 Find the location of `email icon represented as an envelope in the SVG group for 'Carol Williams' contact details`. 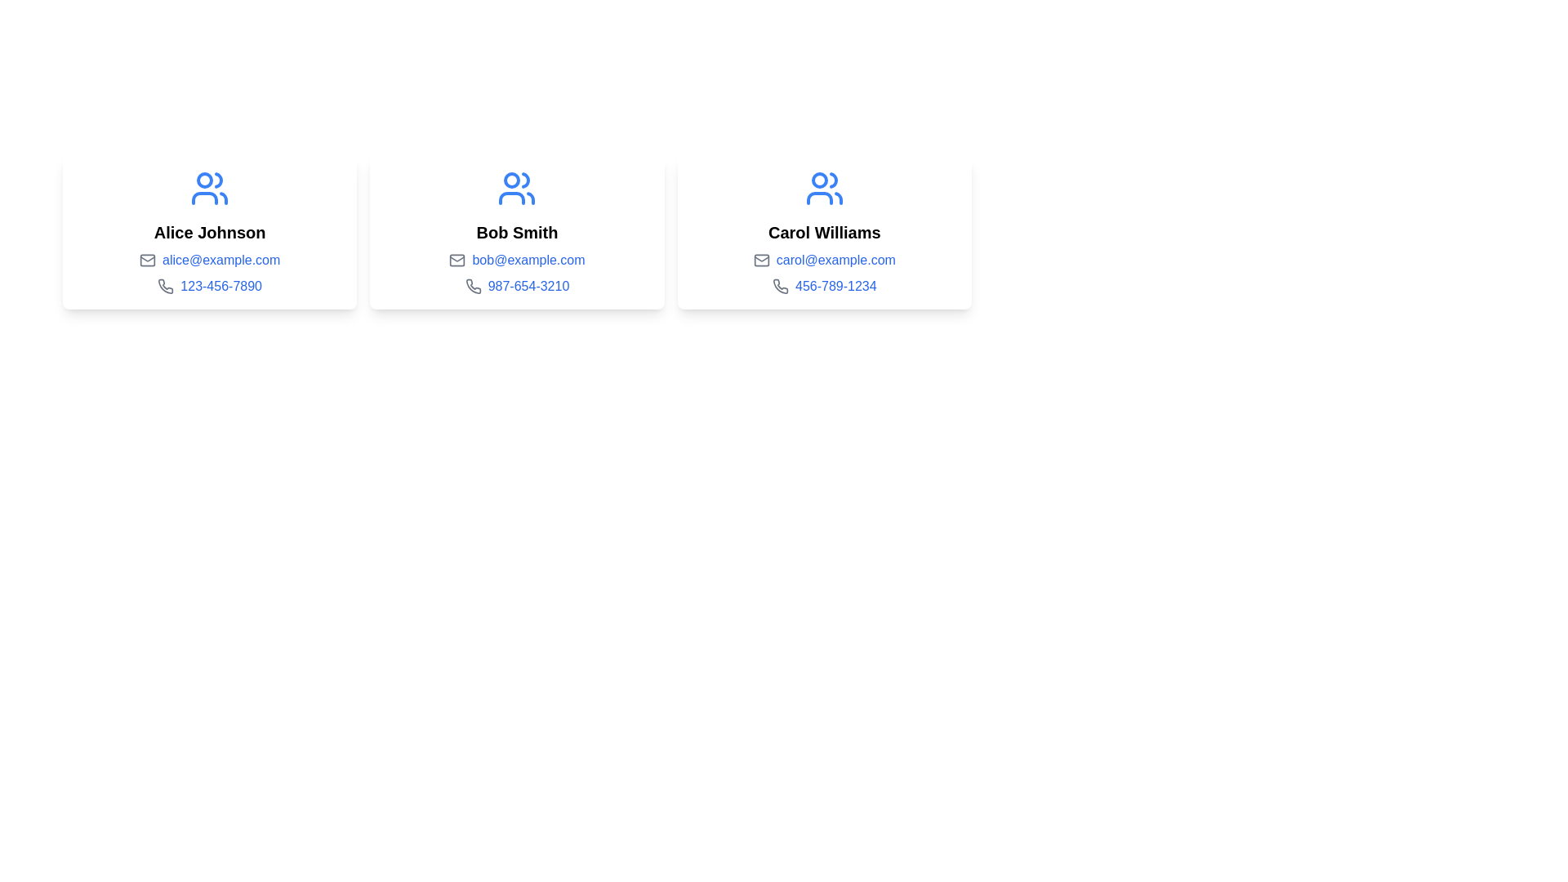

email icon represented as an envelope in the SVG group for 'Carol Williams' contact details is located at coordinates (760, 260).